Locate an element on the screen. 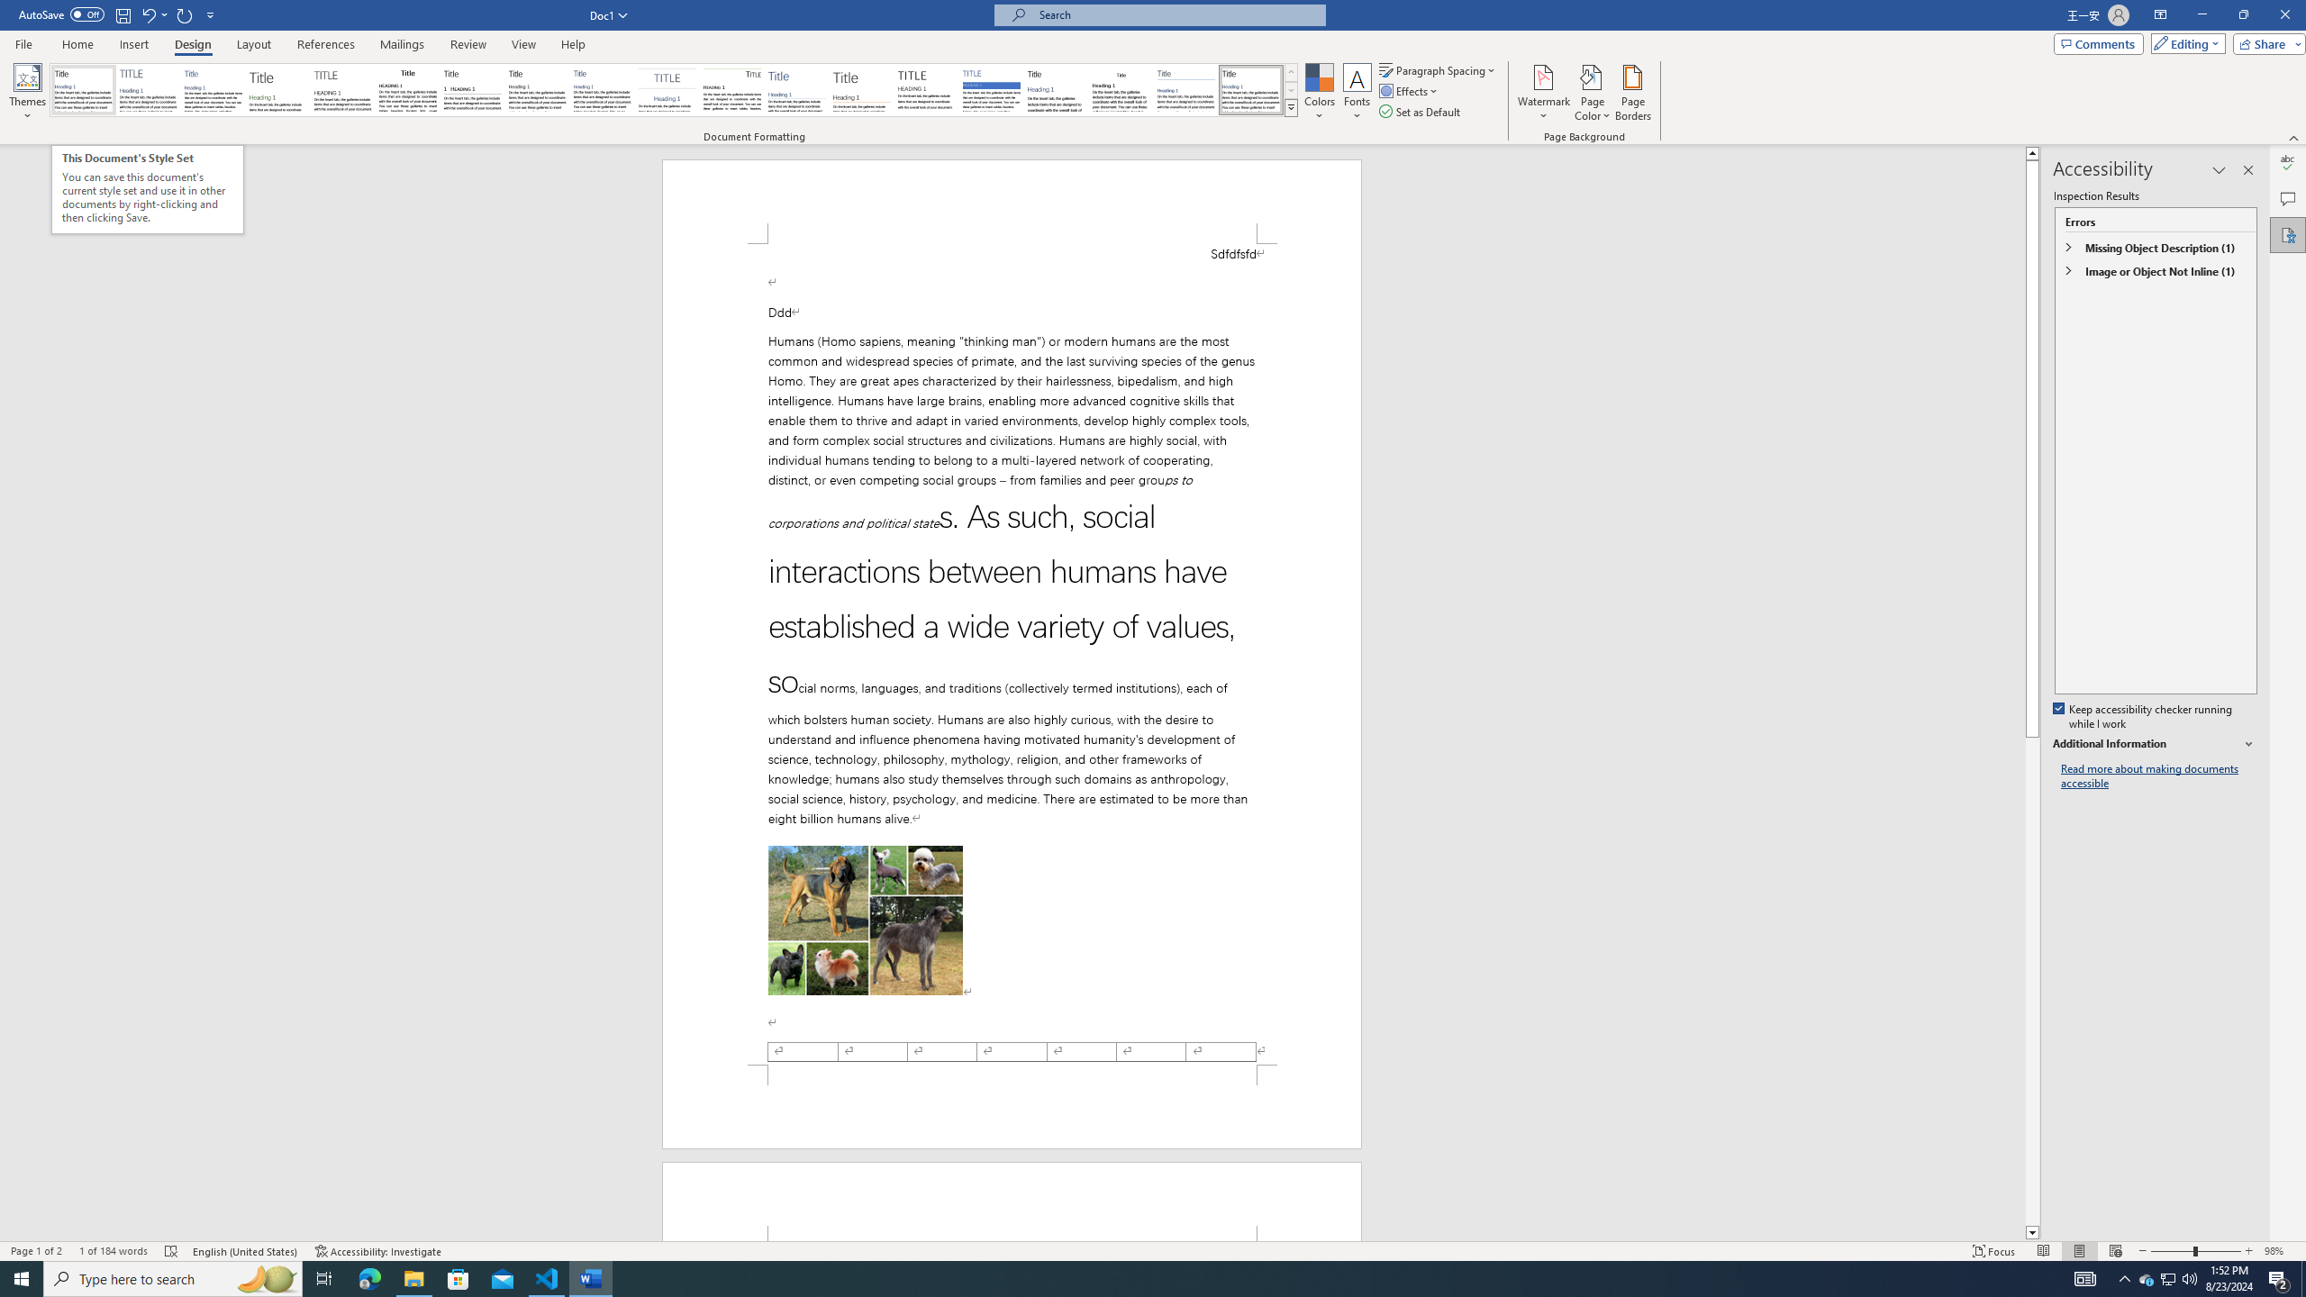  'Set as Default' is located at coordinates (1421, 110).